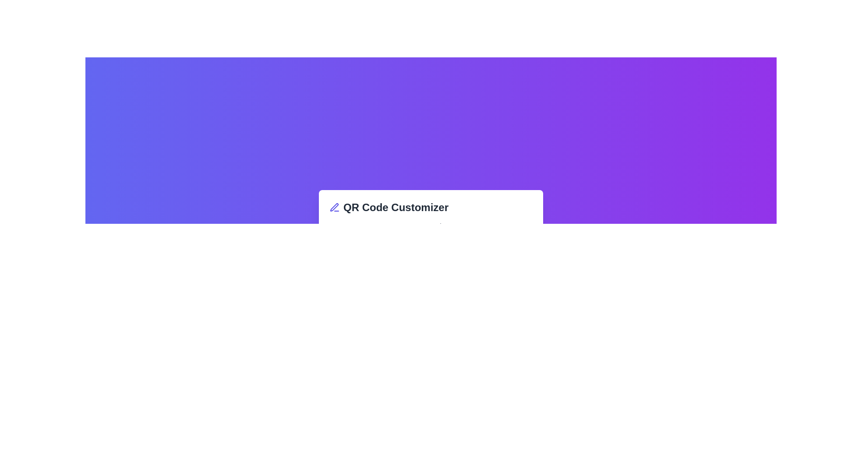 This screenshot has width=841, height=473. I want to click on the editing tool icon associated with the 'QR Code Customizer' feature, which is located to the left of the text label, so click(334, 207).